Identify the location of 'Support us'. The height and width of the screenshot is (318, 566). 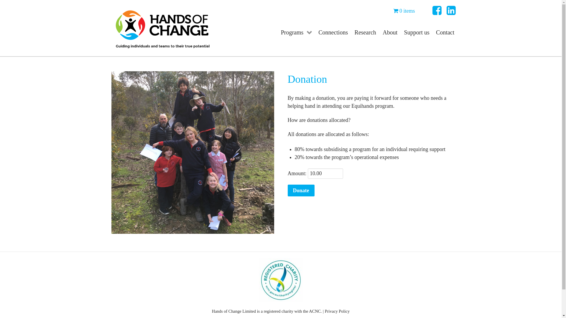
(416, 32).